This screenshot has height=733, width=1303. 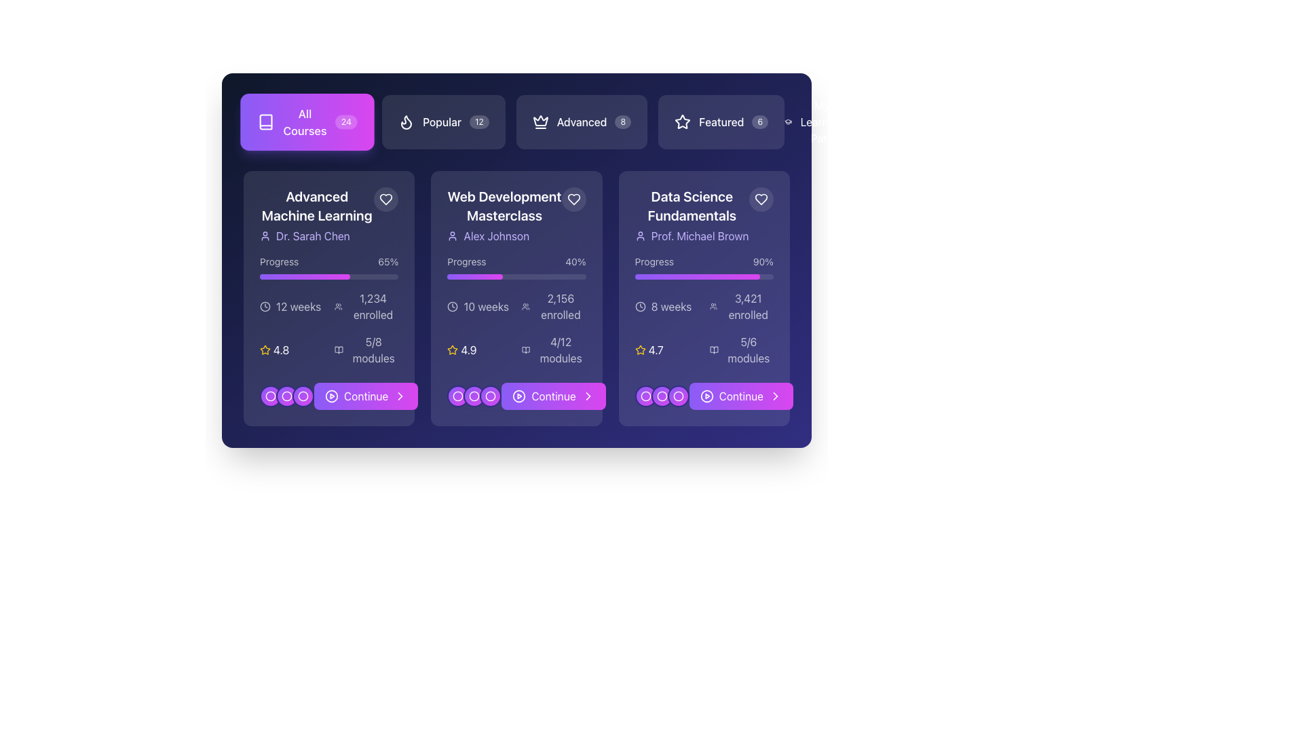 What do you see at coordinates (332, 396) in the screenshot?
I see `the Decorative SVG circle located within the 'Continue' button area of the 'Advanced Machine Learning' course card, which resembles a play icon` at bounding box center [332, 396].